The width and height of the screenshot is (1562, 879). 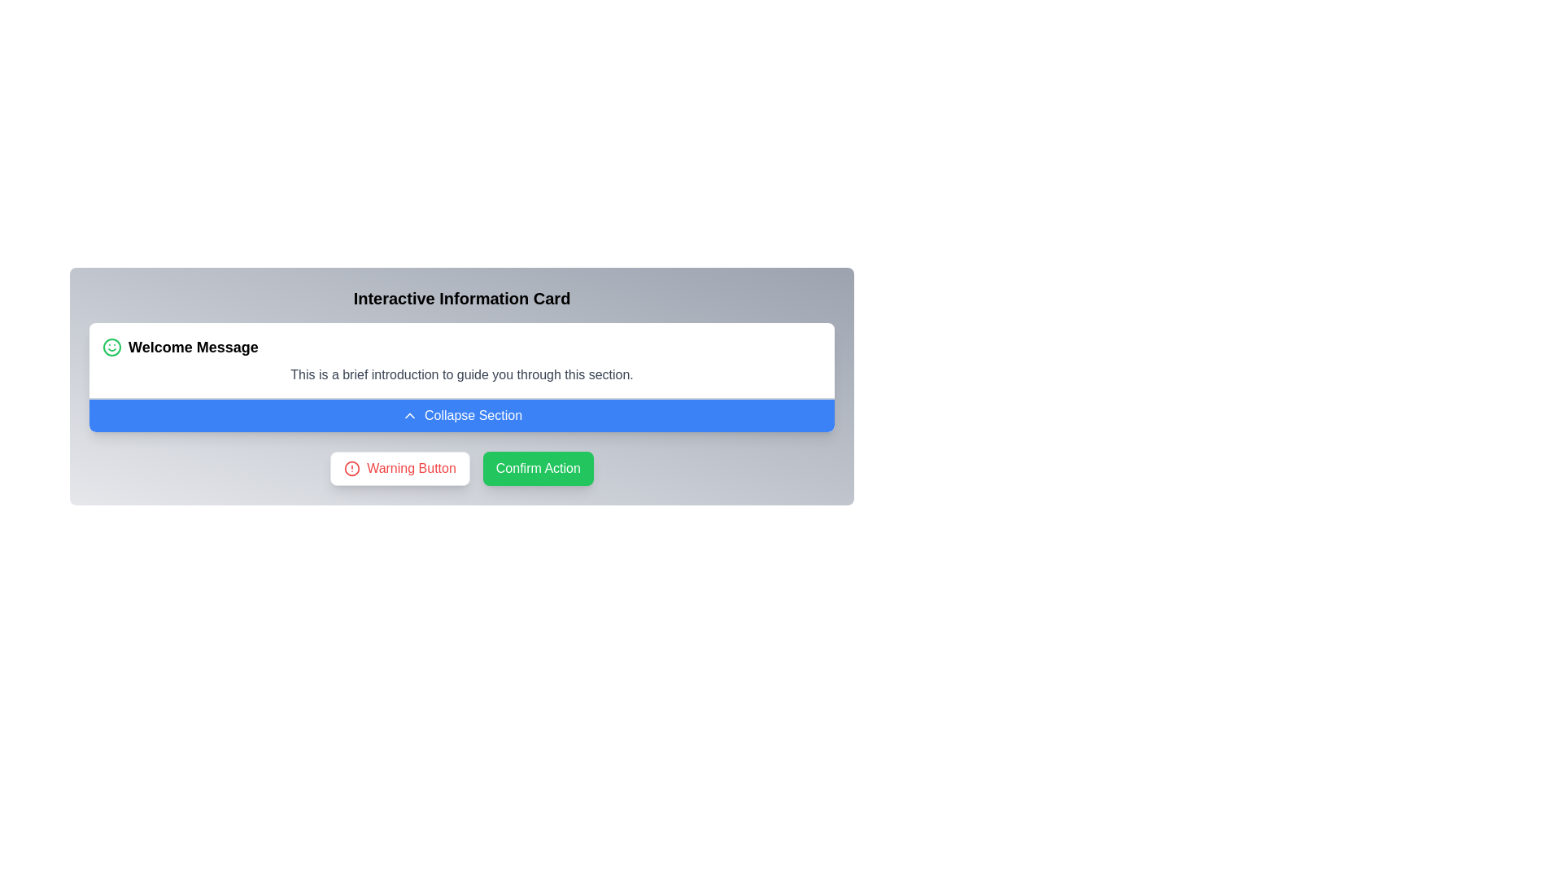 What do you see at coordinates (111, 347) in the screenshot?
I see `the Circle icon border that is part of the smiley face illustration located in the upper-left corner of the 'Welcome Message' card, adjacent to the text 'Welcome Message'` at bounding box center [111, 347].